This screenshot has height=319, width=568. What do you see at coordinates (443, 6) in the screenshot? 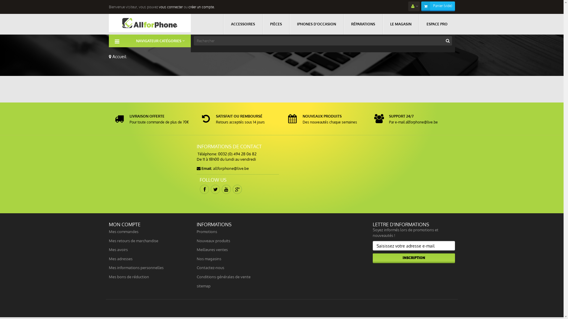
I see `'Panier (vide)'` at bounding box center [443, 6].